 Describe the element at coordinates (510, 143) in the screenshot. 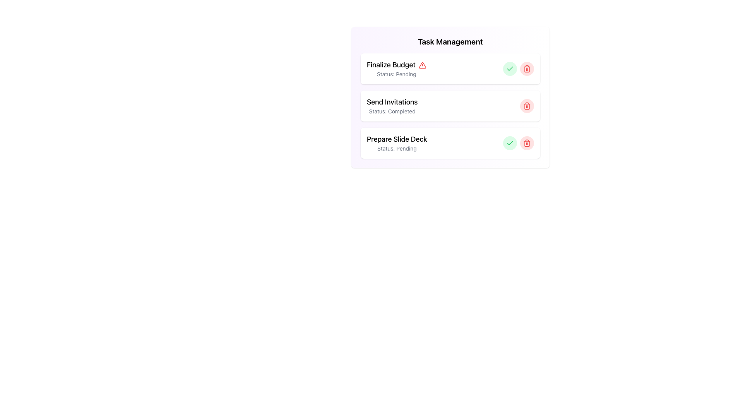

I see `the checkmark icon inside the circular button adjacent to the 'Prepare Slide Deck' task entry to interact with the associated task status` at that location.